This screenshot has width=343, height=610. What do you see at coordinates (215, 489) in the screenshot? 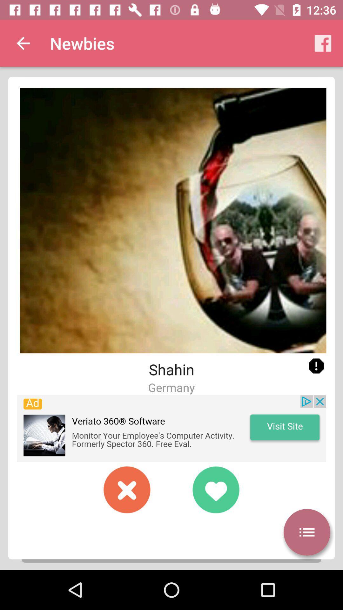
I see `make it favorite` at bounding box center [215, 489].